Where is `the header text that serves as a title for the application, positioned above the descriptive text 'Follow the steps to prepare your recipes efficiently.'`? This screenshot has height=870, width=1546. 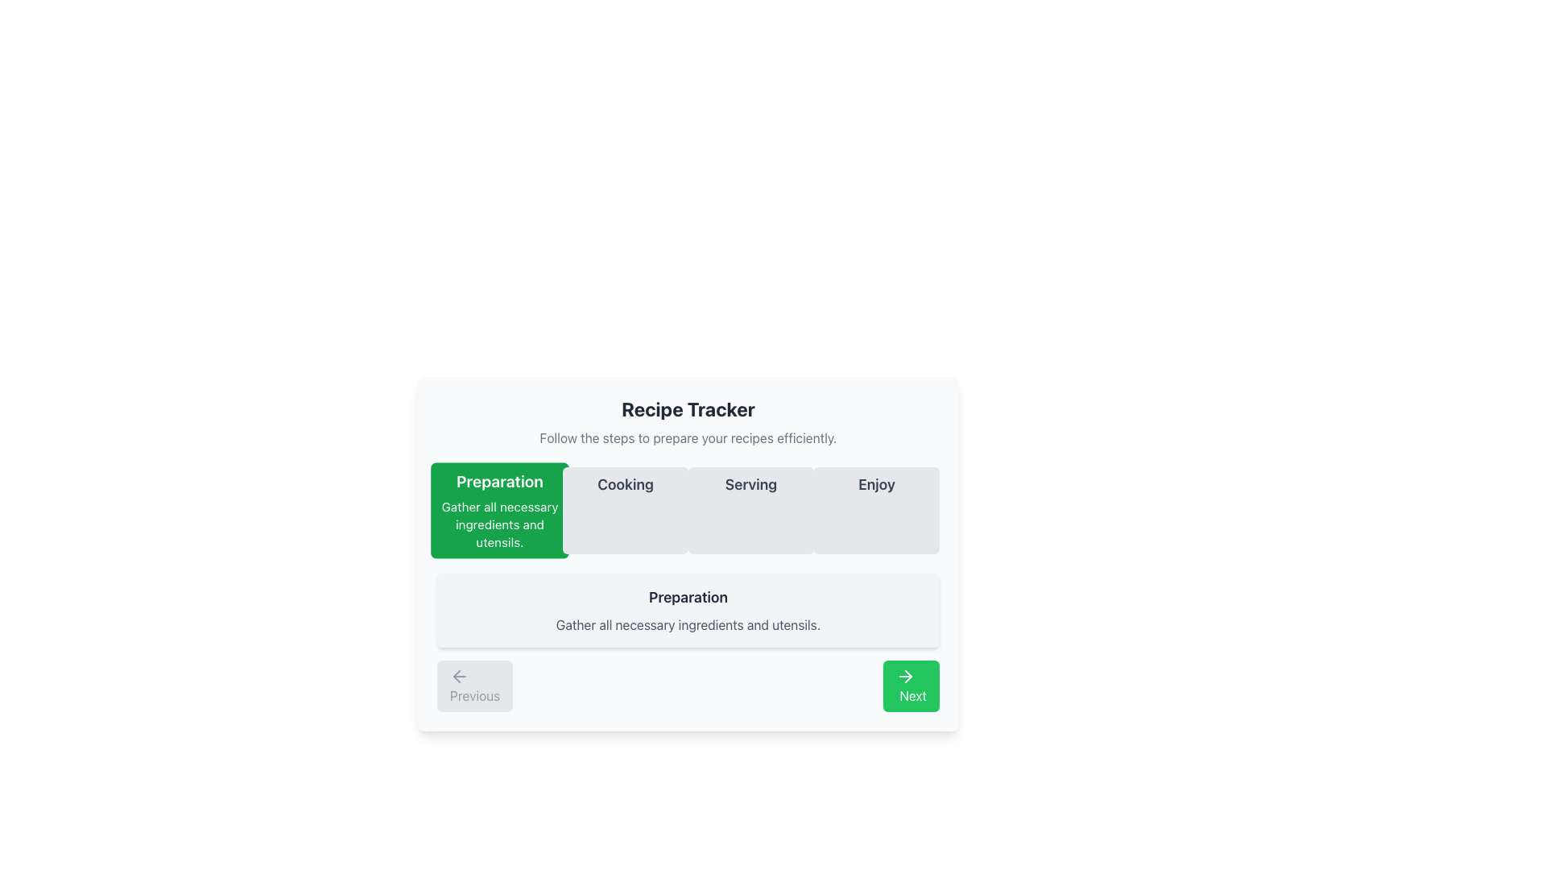
the header text that serves as a title for the application, positioned above the descriptive text 'Follow the steps to prepare your recipes efficiently.' is located at coordinates (688, 408).